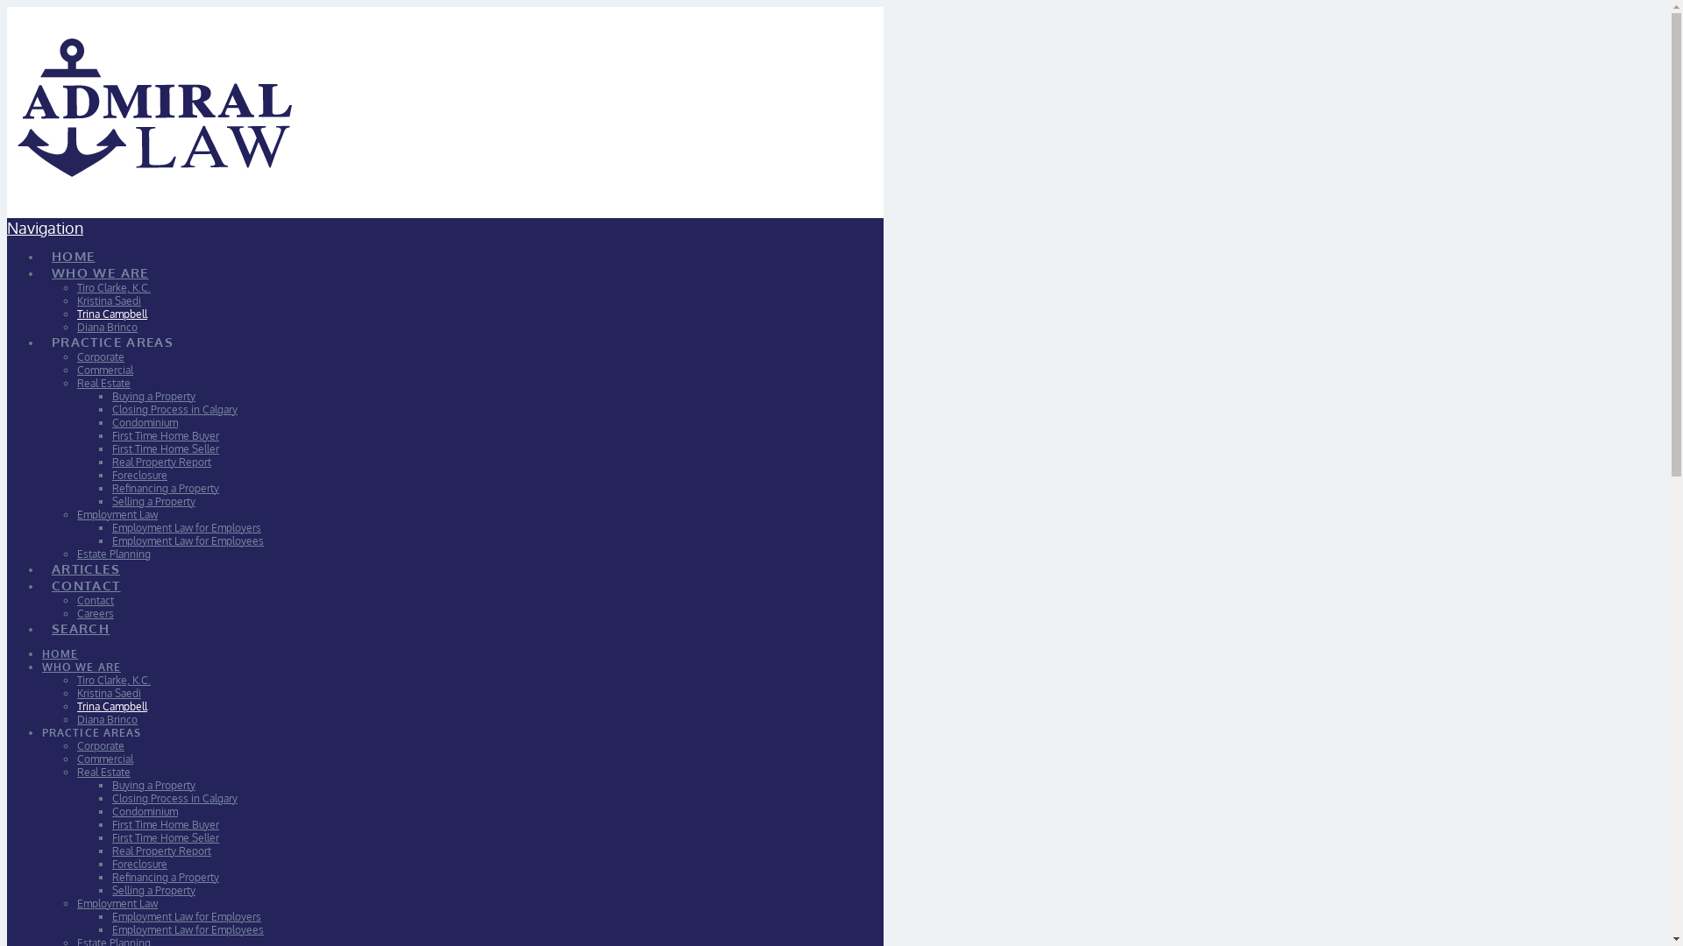 This screenshot has width=1683, height=946. I want to click on 'WHO WE ARE', so click(98, 263).